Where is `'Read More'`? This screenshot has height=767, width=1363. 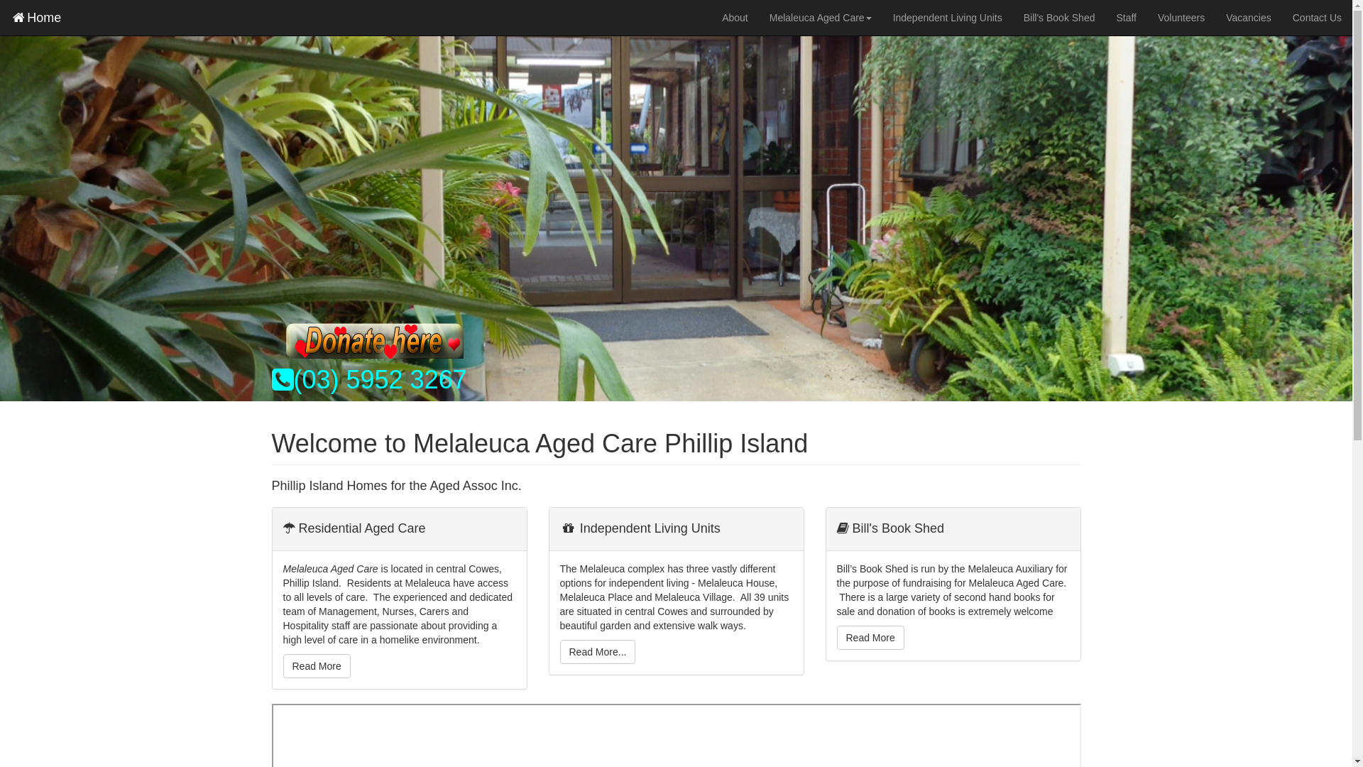 'Read More' is located at coordinates (315, 665).